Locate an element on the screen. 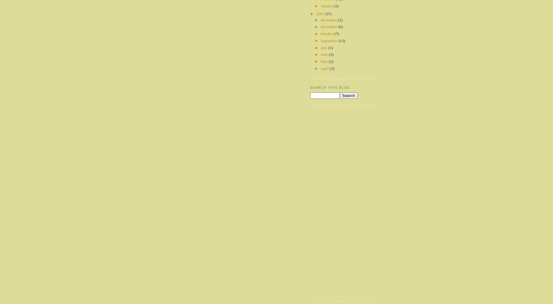 Image resolution: width=553 pixels, height=304 pixels. '(7)' is located at coordinates (337, 34).